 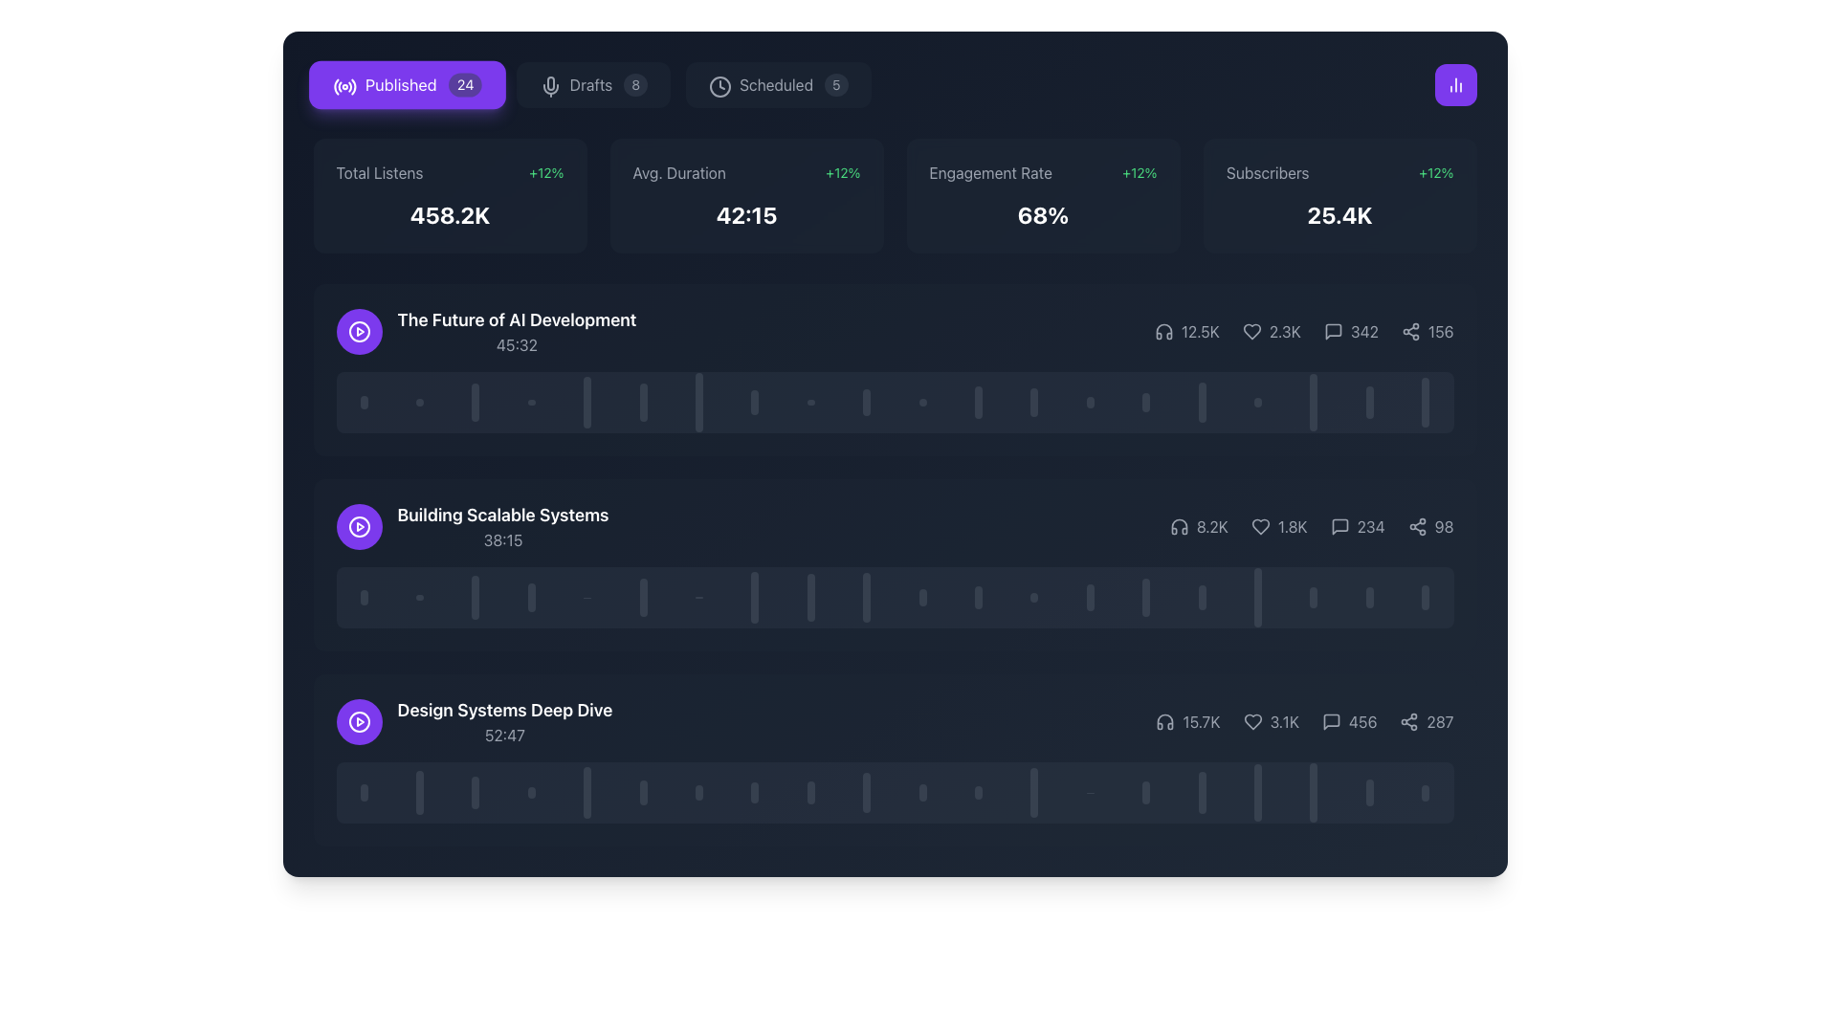 What do you see at coordinates (643, 596) in the screenshot?
I see `the sixth vertical progress bar segment which is gray and semi-transparent, located in the middle row of the interface` at bounding box center [643, 596].